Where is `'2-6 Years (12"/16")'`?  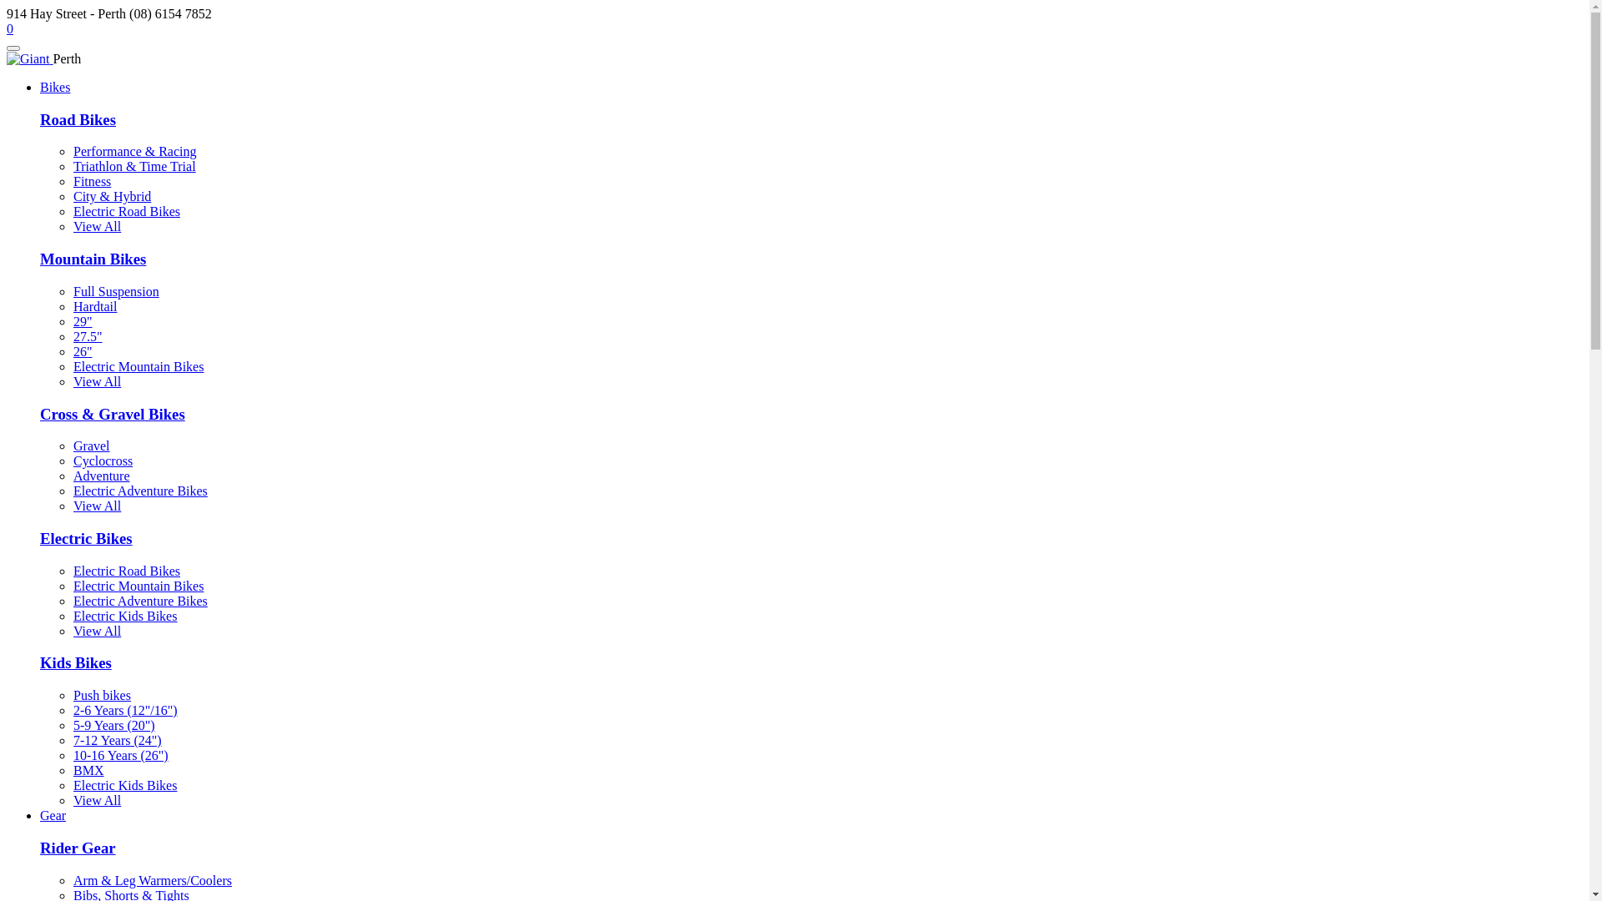 '2-6 Years (12"/16")' is located at coordinates (124, 710).